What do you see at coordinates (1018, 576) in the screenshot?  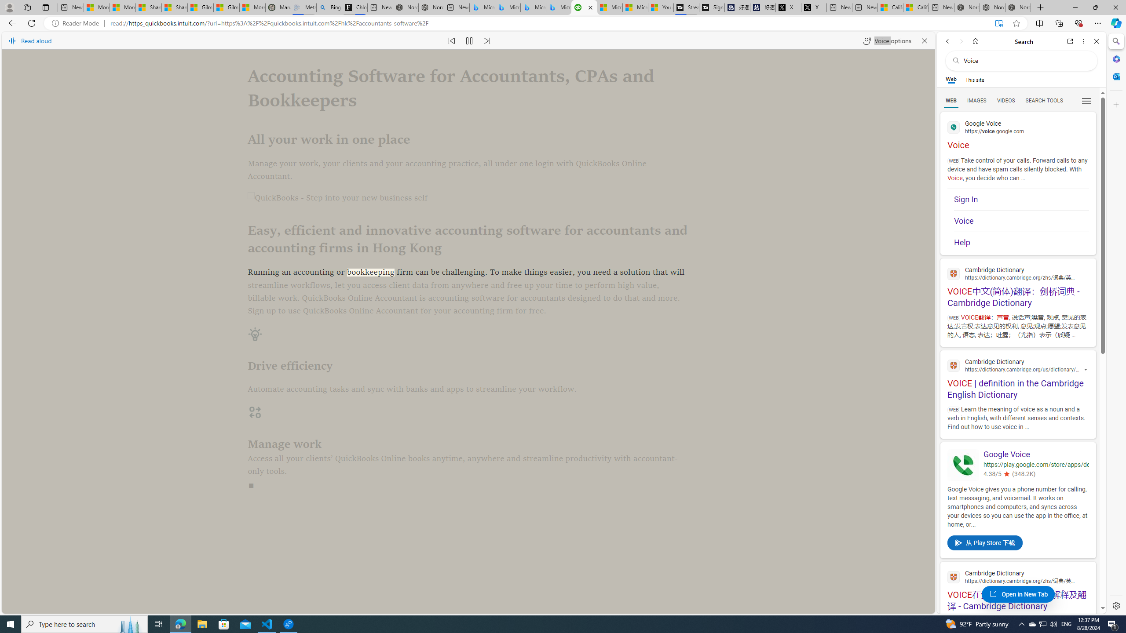 I see `'Cambridge Dictionary'` at bounding box center [1018, 576].